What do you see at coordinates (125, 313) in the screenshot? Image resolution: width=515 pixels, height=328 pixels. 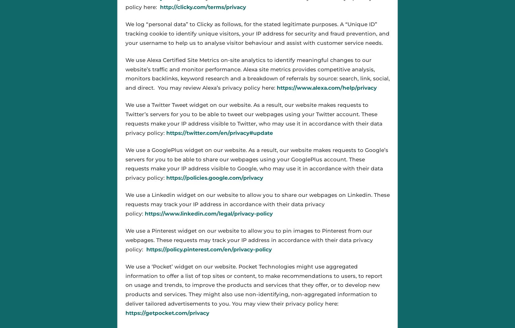 I see `'https://getpocket.com/privacy'` at bounding box center [125, 313].